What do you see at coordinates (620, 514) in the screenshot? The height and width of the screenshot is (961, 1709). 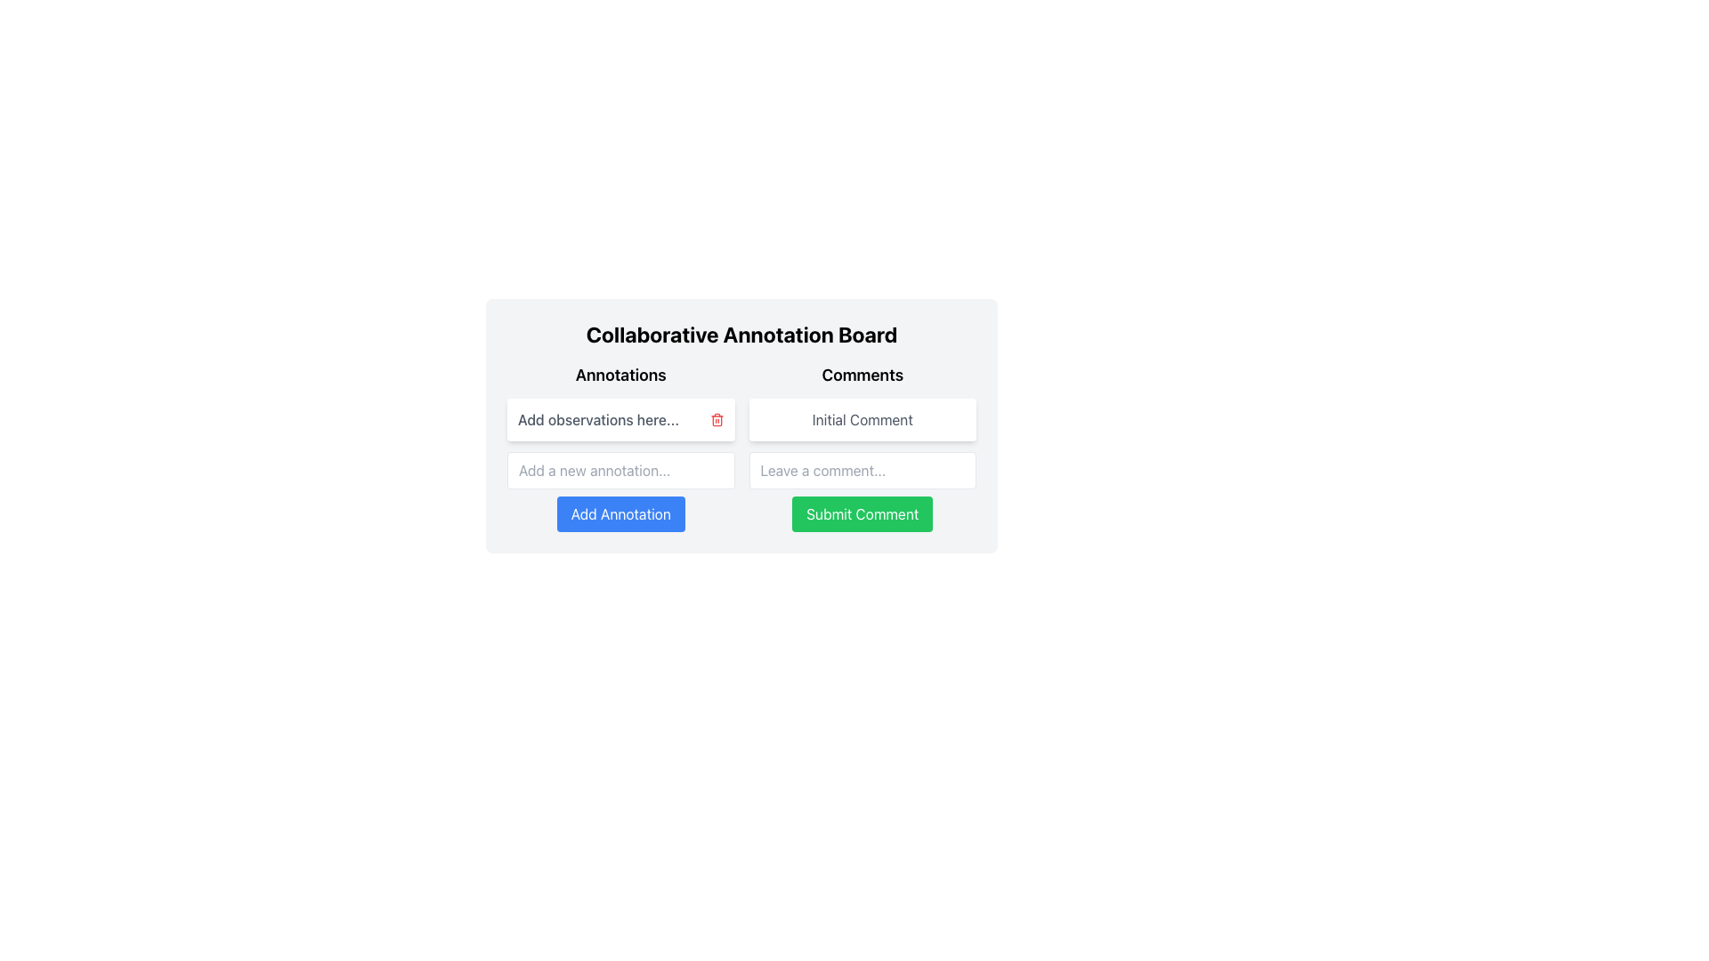 I see `the blue 'Add Annotation' button located below the text input field labeled 'Add a new annotation...' in the Annotations section` at bounding box center [620, 514].